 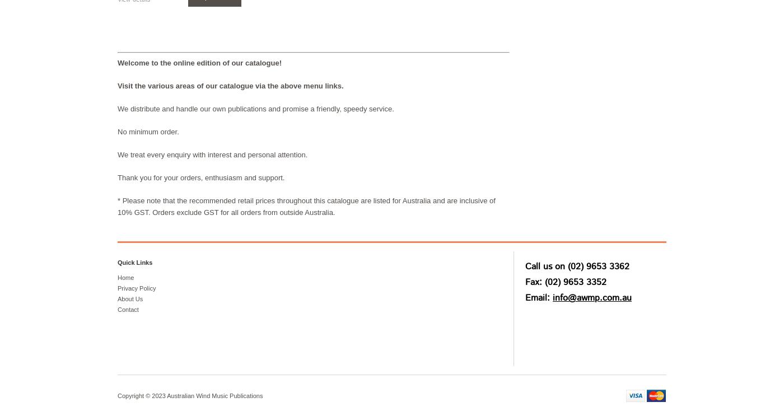 I want to click on 'Privacy Policy', so click(x=137, y=287).